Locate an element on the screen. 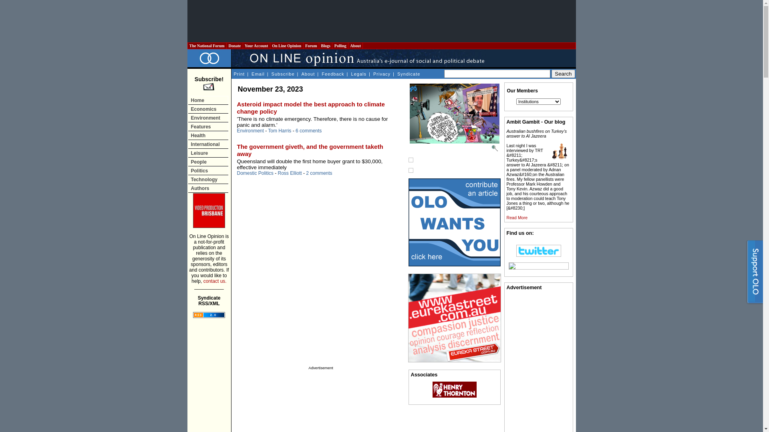 This screenshot has width=769, height=432. 'Health' is located at coordinates (188, 135).